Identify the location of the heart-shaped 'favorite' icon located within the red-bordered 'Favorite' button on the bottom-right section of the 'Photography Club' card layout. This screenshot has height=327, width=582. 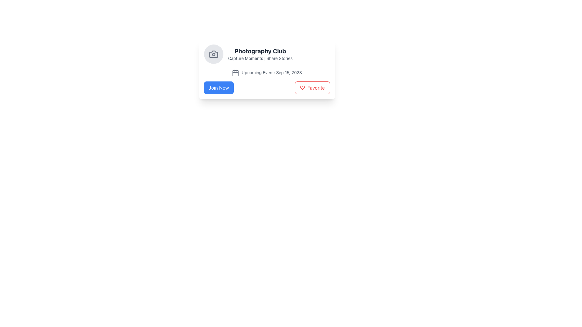
(303, 88).